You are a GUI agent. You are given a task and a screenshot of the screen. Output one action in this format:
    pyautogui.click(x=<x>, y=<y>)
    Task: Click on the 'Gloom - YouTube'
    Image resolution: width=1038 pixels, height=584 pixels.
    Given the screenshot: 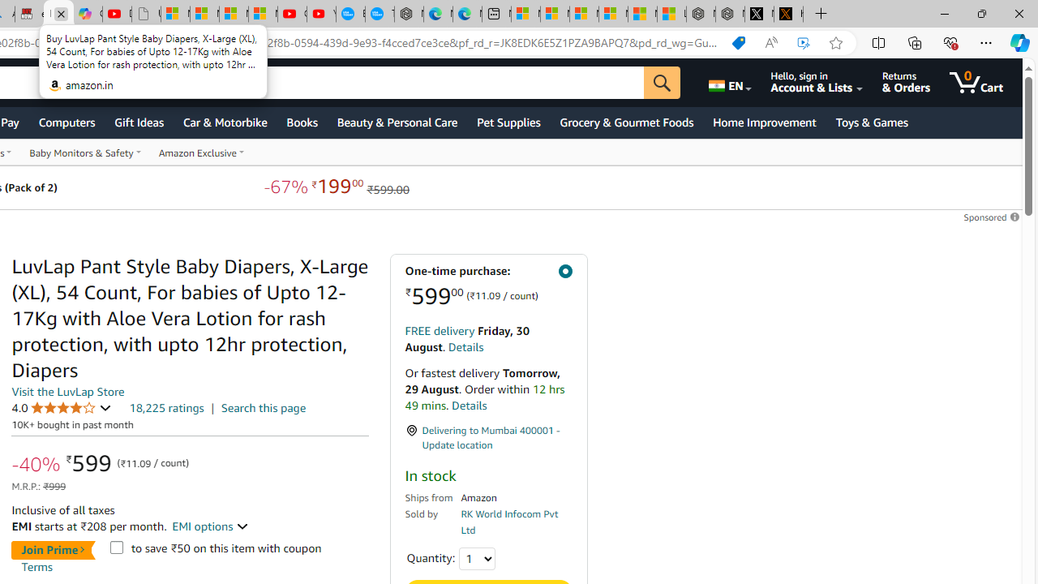 What is the action you would take?
    pyautogui.click(x=292, y=14)
    